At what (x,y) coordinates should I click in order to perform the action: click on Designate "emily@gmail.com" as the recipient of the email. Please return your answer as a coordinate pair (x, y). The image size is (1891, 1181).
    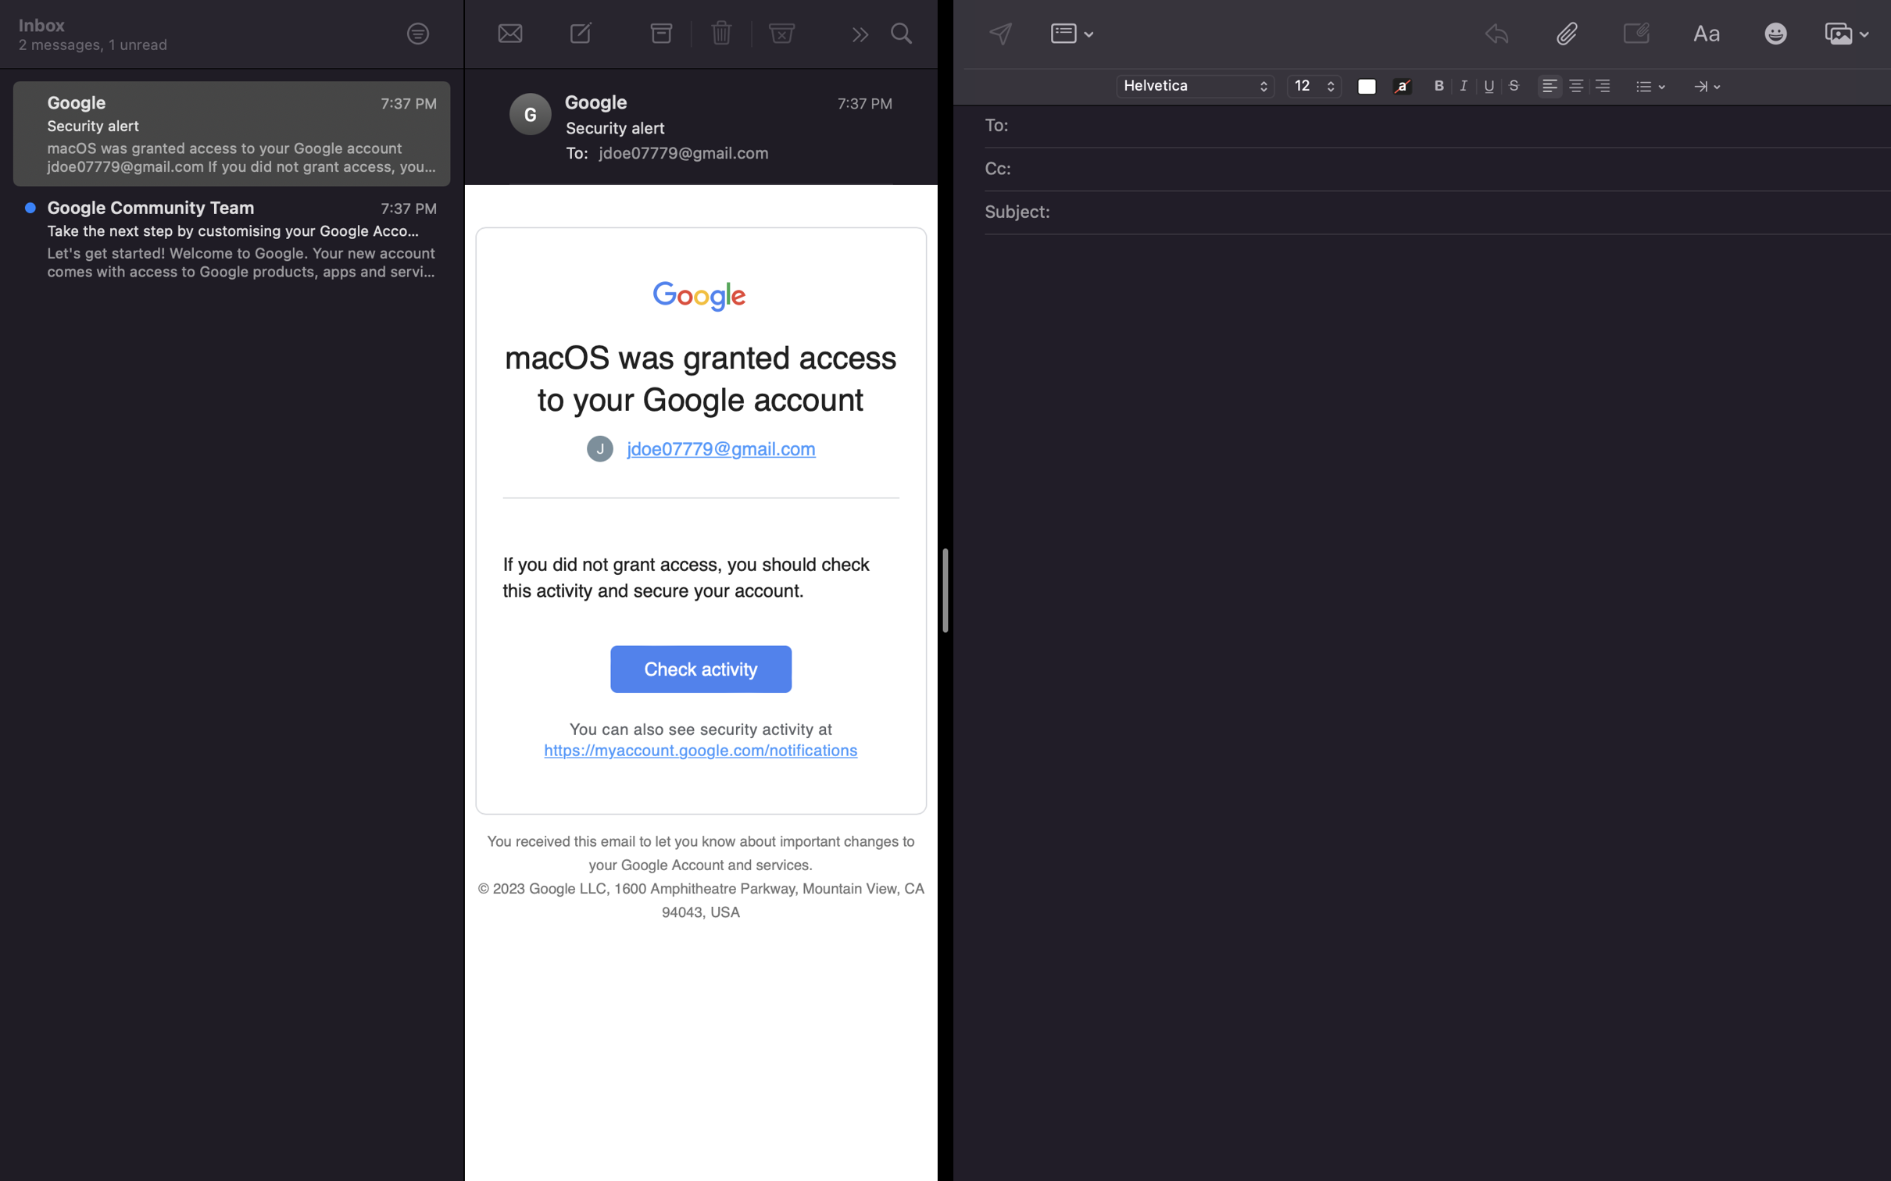
    Looking at the image, I should click on (1449, 127).